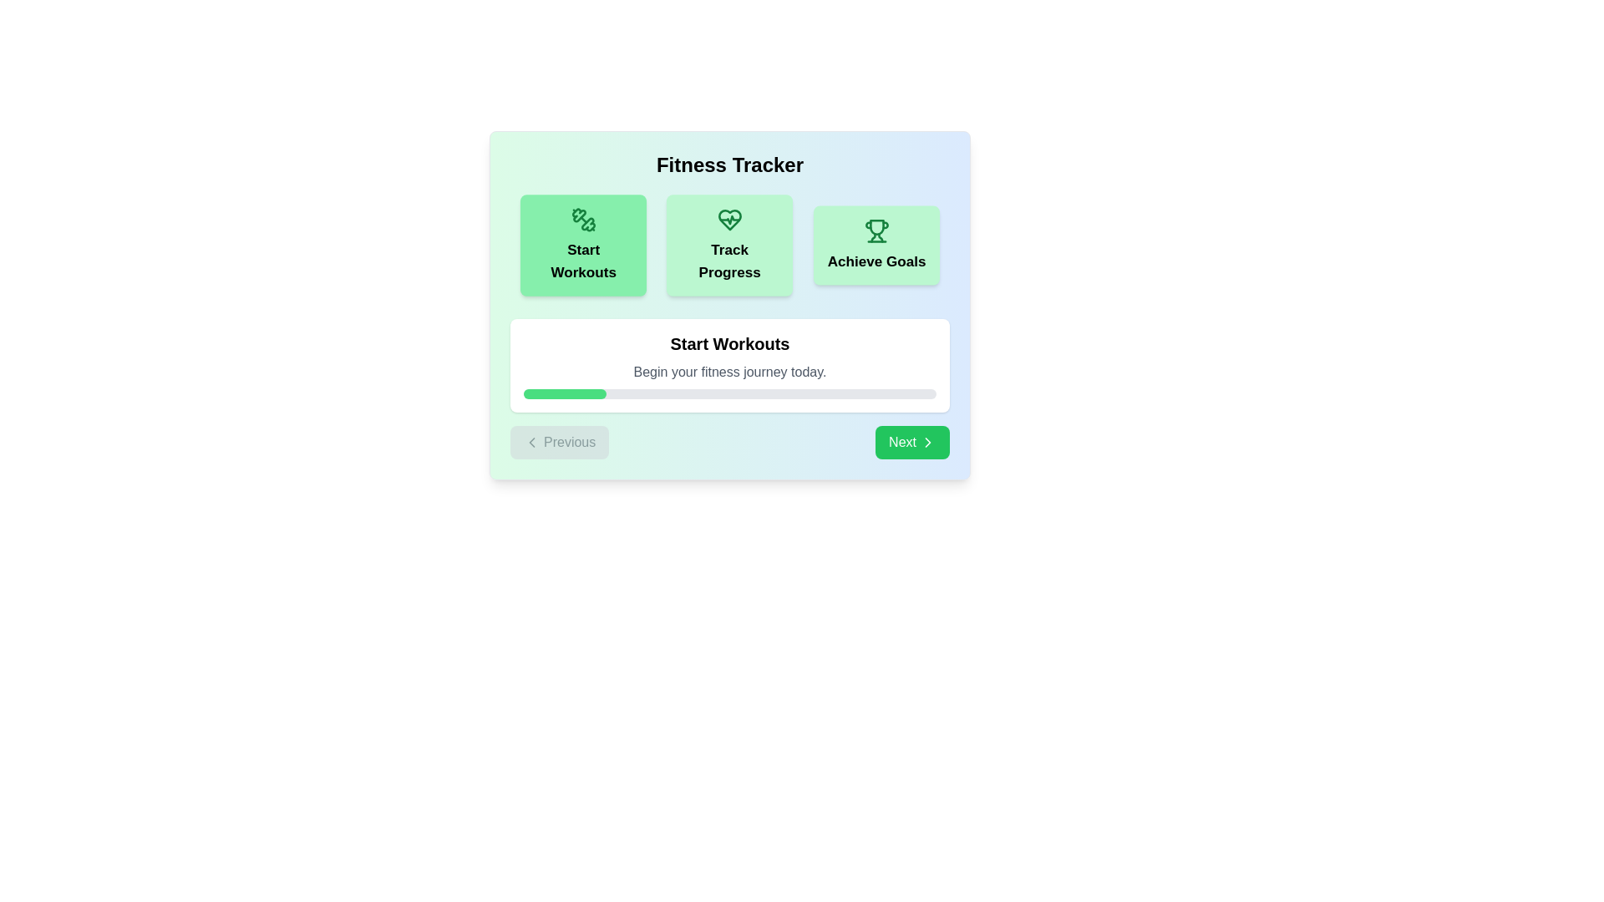 Image resolution: width=1604 pixels, height=902 pixels. I want to click on the 'Next' button, which is a rectangular button with rounded corners, a green background, and white text displaying 'Next' with a right-facing chevron arrow, so click(911, 441).